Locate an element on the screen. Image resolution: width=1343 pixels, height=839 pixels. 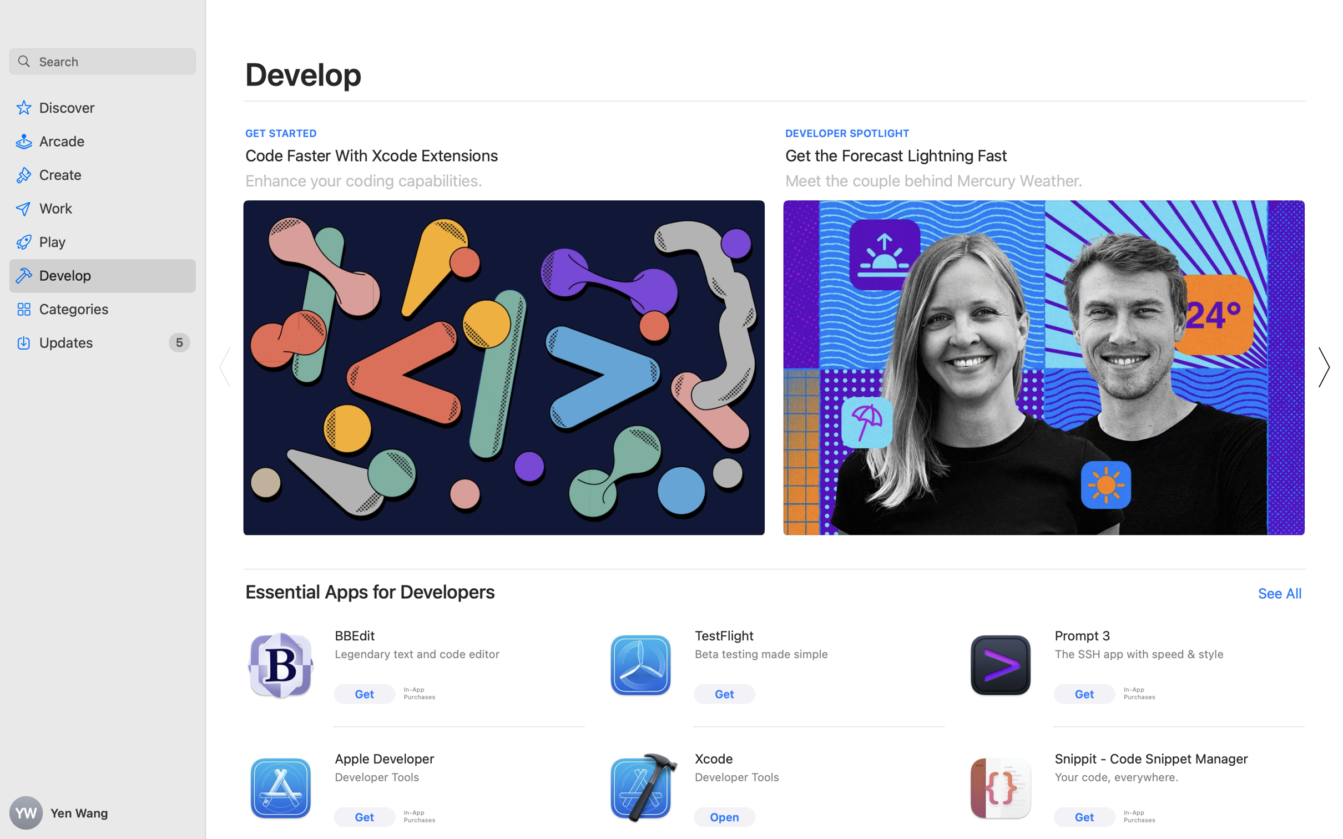
'Yen Wang' is located at coordinates (103, 813).